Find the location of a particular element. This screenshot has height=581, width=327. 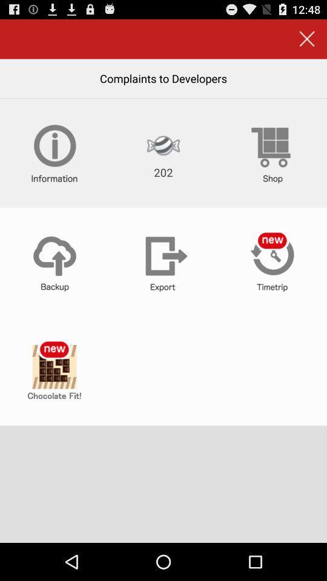

export compliant information is located at coordinates (163, 262).